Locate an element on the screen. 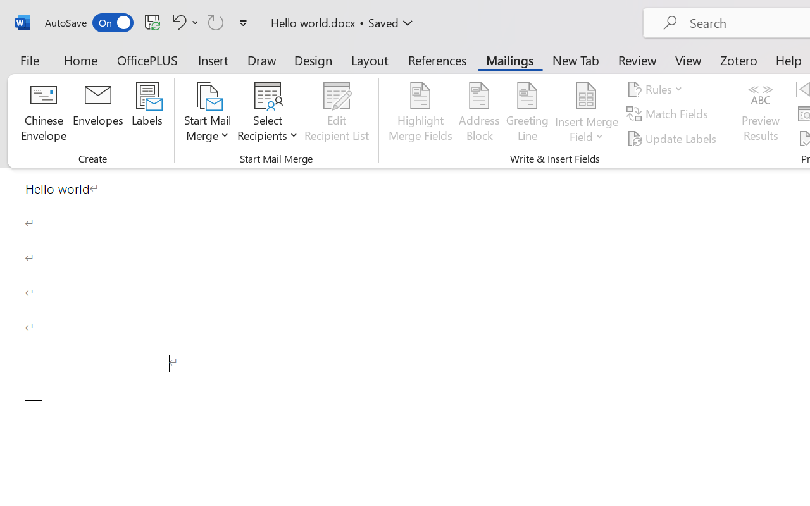 This screenshot has width=810, height=506. 'Chinese Envelope...' is located at coordinates (44, 113).